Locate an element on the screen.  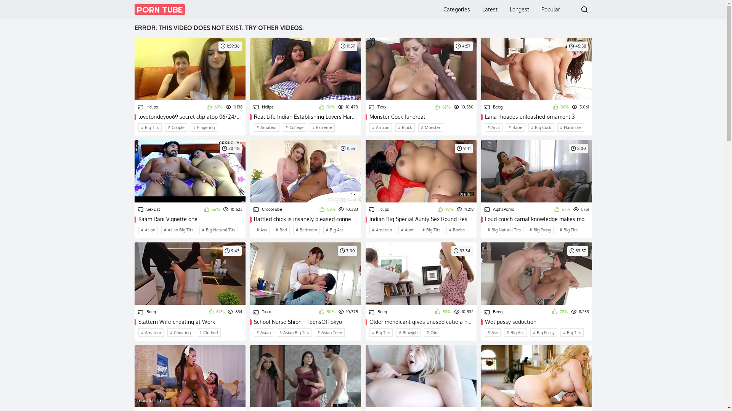
'Big Pussy' is located at coordinates (539, 229).